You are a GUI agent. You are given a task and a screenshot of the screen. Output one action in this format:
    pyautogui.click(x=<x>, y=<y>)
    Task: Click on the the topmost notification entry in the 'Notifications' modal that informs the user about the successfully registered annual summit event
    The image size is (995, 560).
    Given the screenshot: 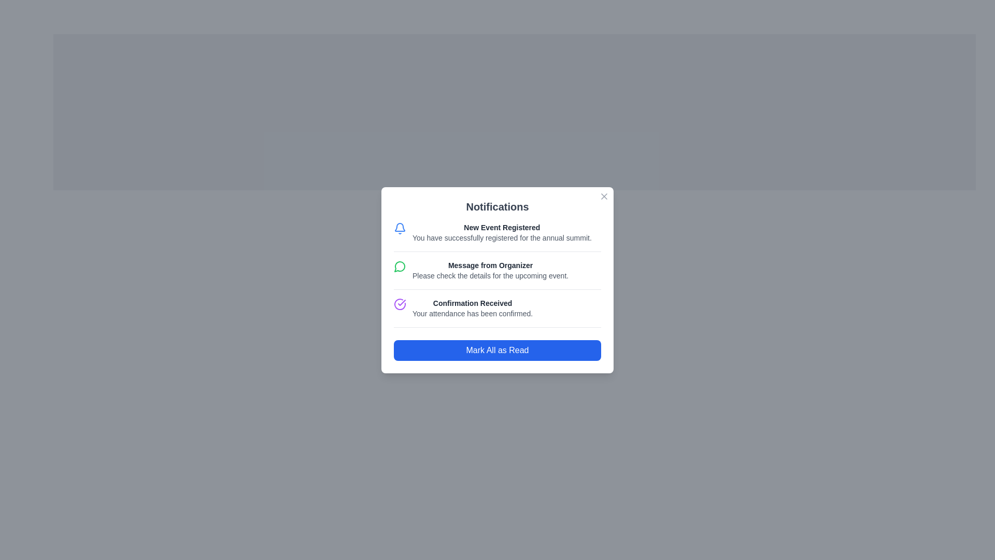 What is the action you would take?
    pyautogui.click(x=502, y=232)
    